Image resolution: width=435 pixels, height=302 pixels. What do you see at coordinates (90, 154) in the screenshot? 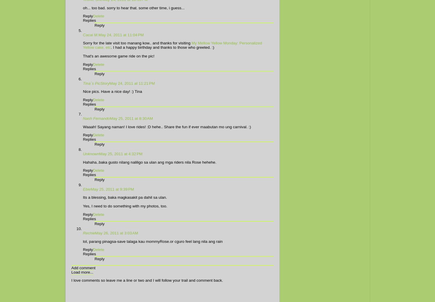
I see `'Unknown'` at bounding box center [90, 154].